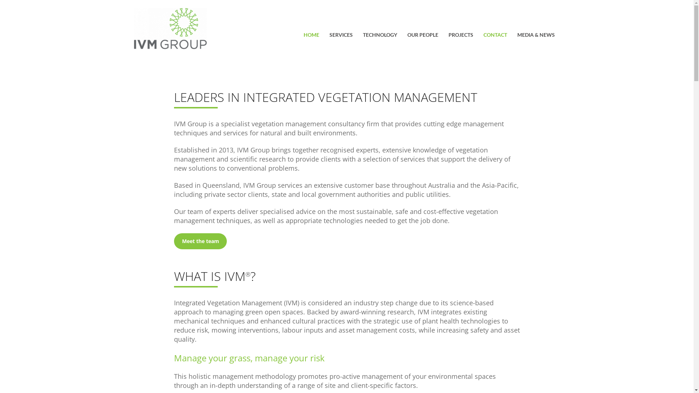 The width and height of the screenshot is (699, 393). Describe the element at coordinates (311, 36) in the screenshot. I see `'HOME'` at that location.